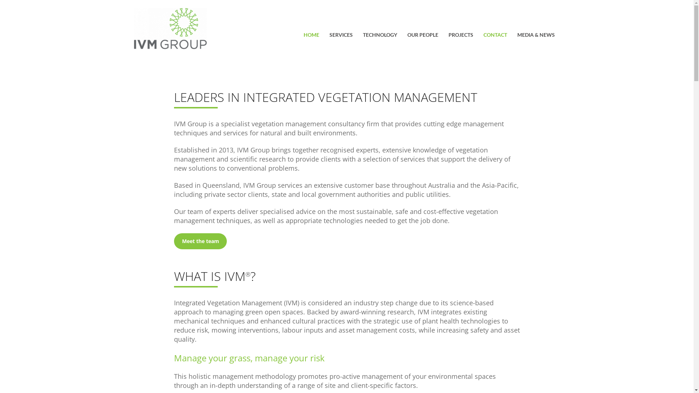 The width and height of the screenshot is (699, 393). Describe the element at coordinates (311, 36) in the screenshot. I see `'HOME'` at that location.